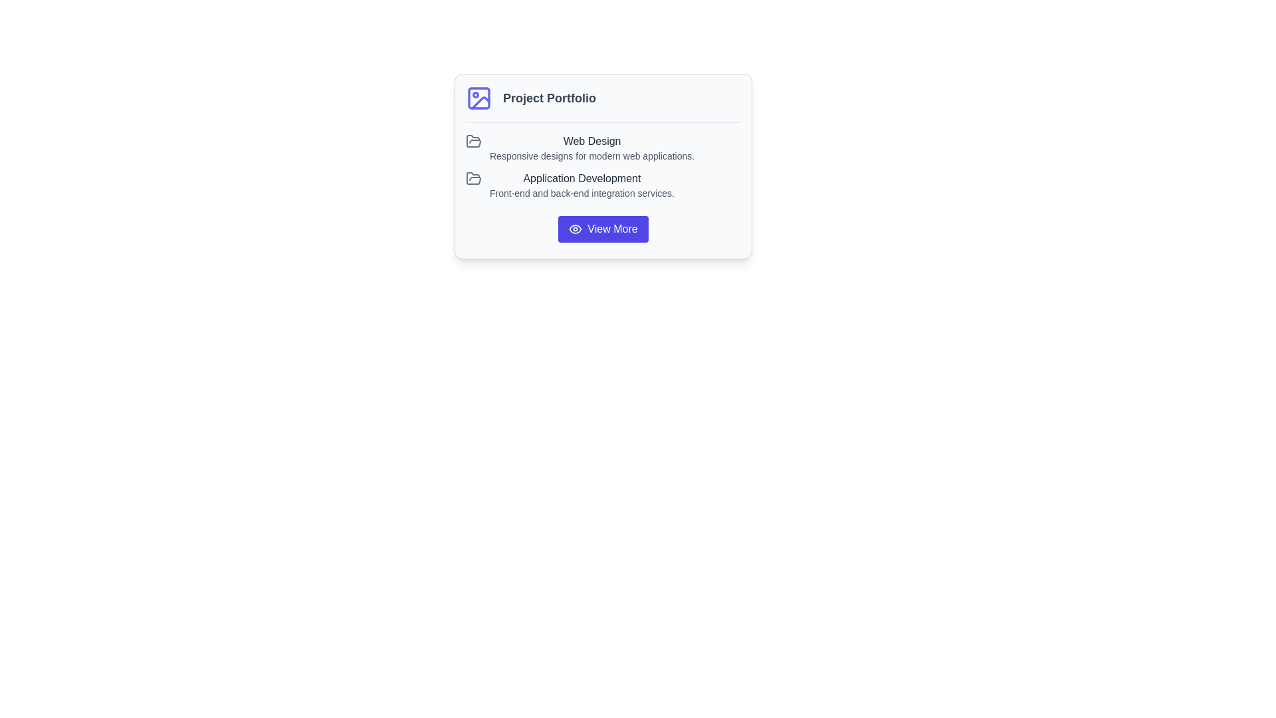 The height and width of the screenshot is (718, 1276). What do you see at coordinates (591, 156) in the screenshot?
I see `the text label stating 'Responsive designs for modern web applications.' located below the 'Web Design' title in the 'Project Portfolio' section` at bounding box center [591, 156].